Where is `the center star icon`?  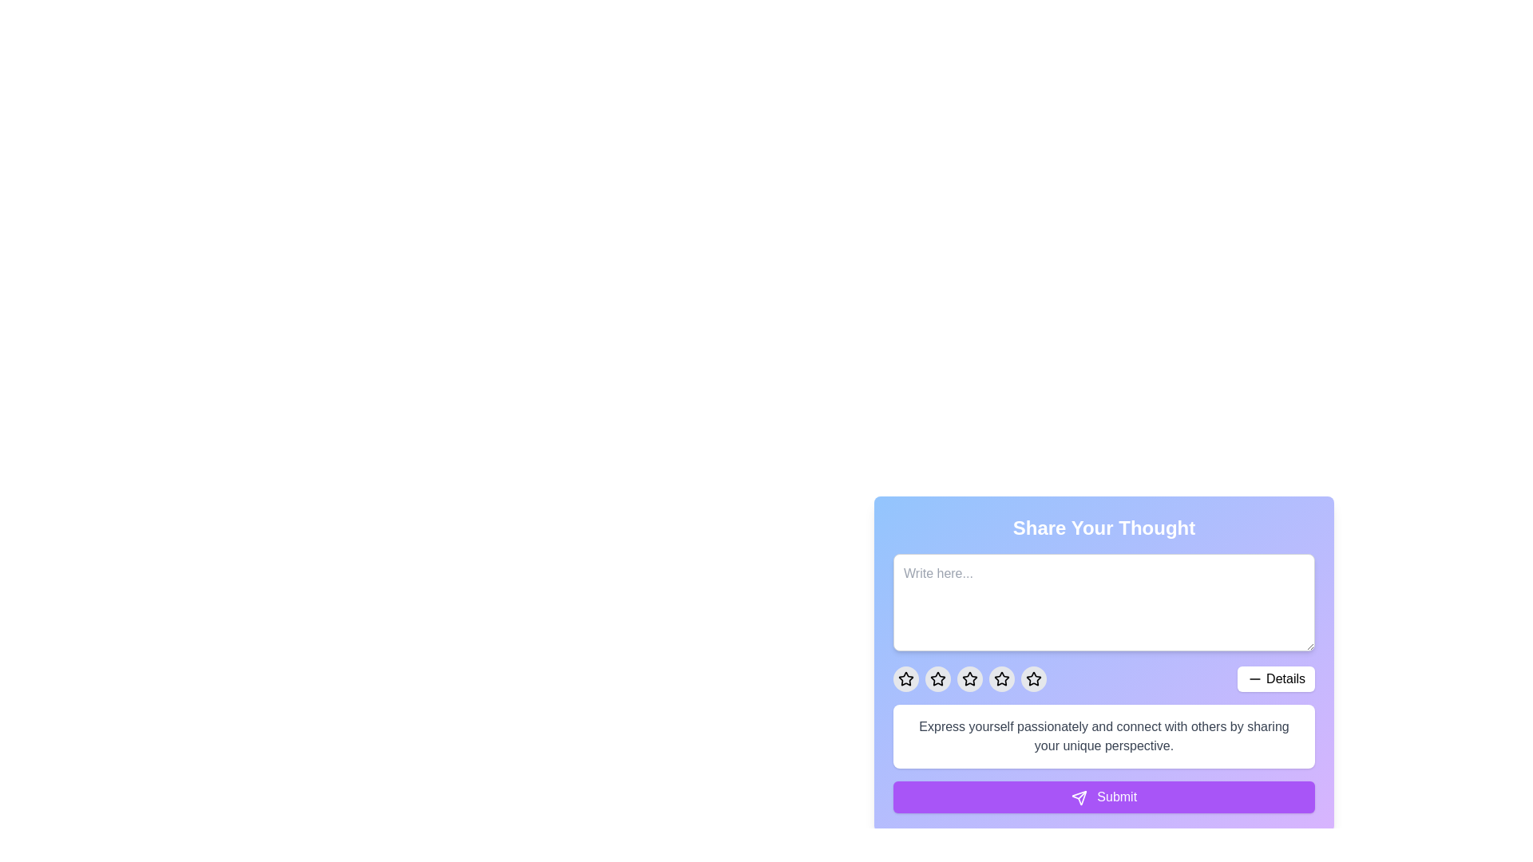
the center star icon is located at coordinates (969, 679).